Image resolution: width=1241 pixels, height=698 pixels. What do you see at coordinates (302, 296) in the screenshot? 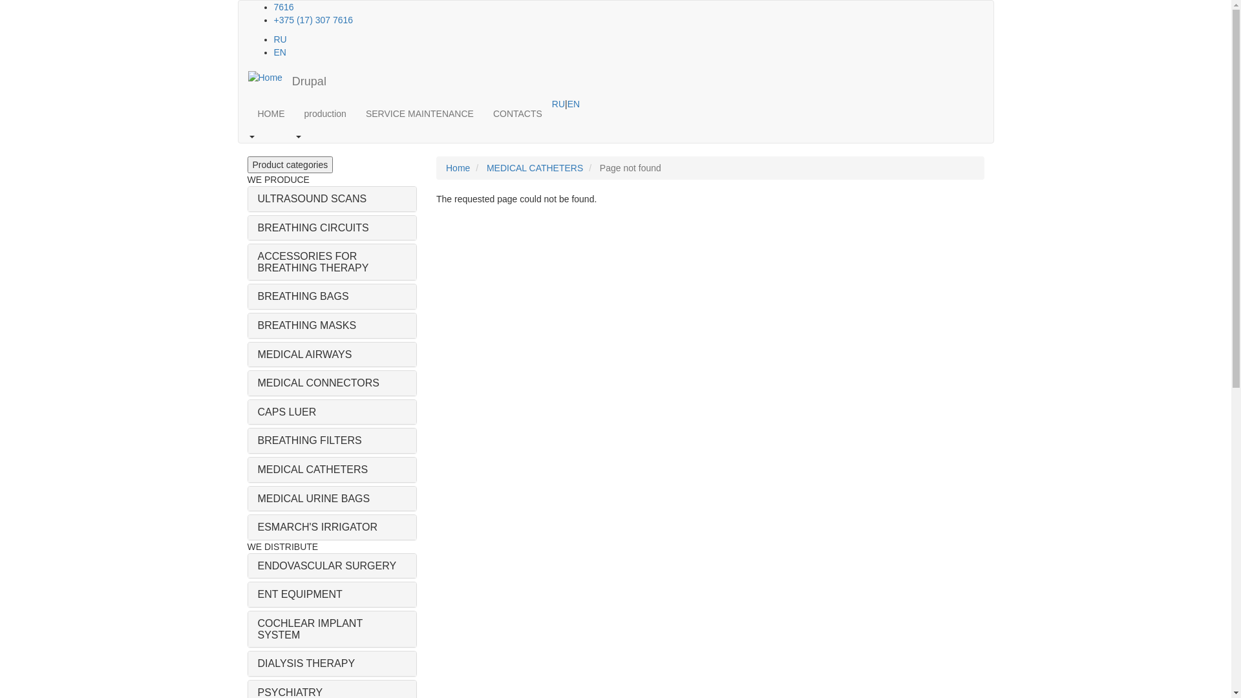
I see `'BREATHING BAGS'` at bounding box center [302, 296].